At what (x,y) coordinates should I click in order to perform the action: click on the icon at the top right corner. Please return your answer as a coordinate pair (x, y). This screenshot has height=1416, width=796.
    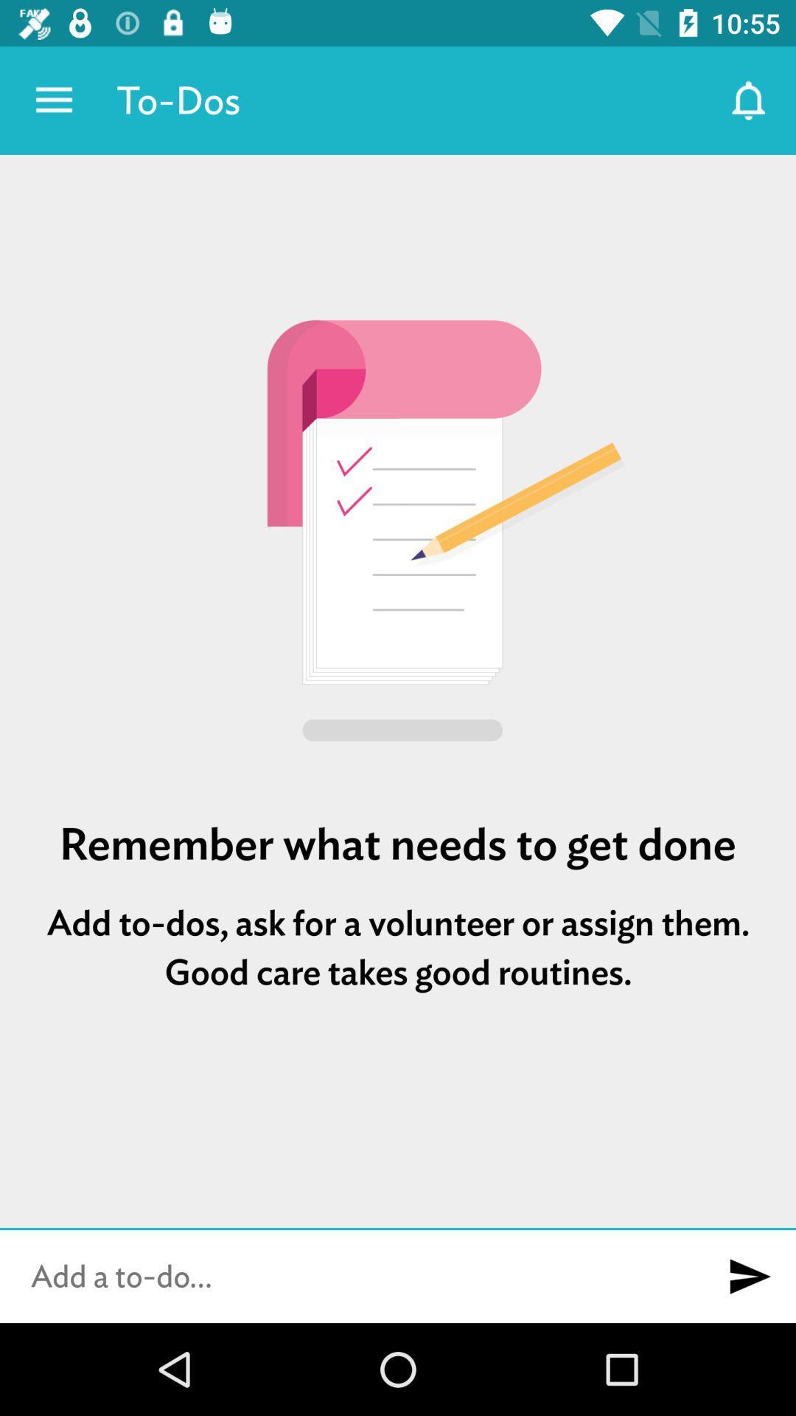
    Looking at the image, I should click on (750, 100).